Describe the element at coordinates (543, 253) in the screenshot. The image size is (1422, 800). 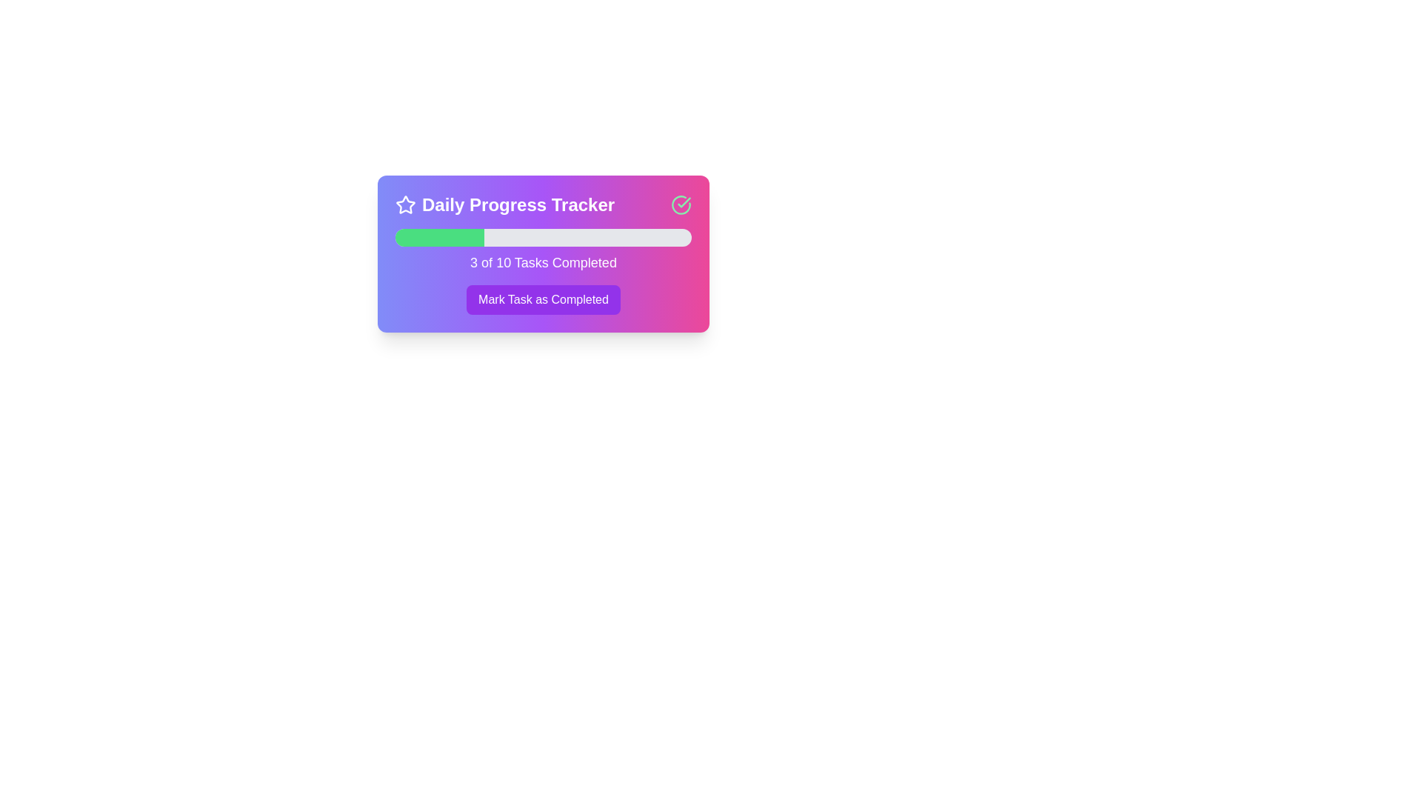
I see `the actionable button within the Card UI Component that serves as a progress tracker interface, providing visual feedback on task completion` at that location.